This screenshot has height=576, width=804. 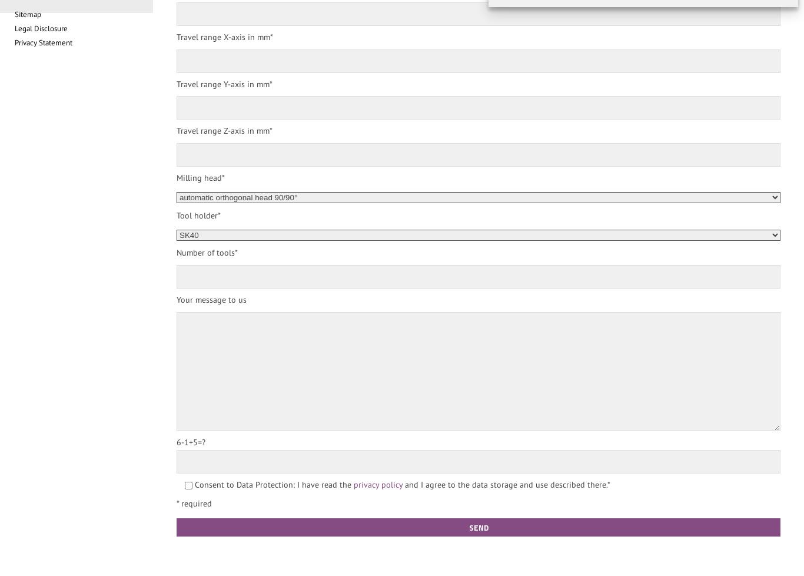 What do you see at coordinates (224, 131) in the screenshot?
I see `'Travel range Z-axis in mm*'` at bounding box center [224, 131].